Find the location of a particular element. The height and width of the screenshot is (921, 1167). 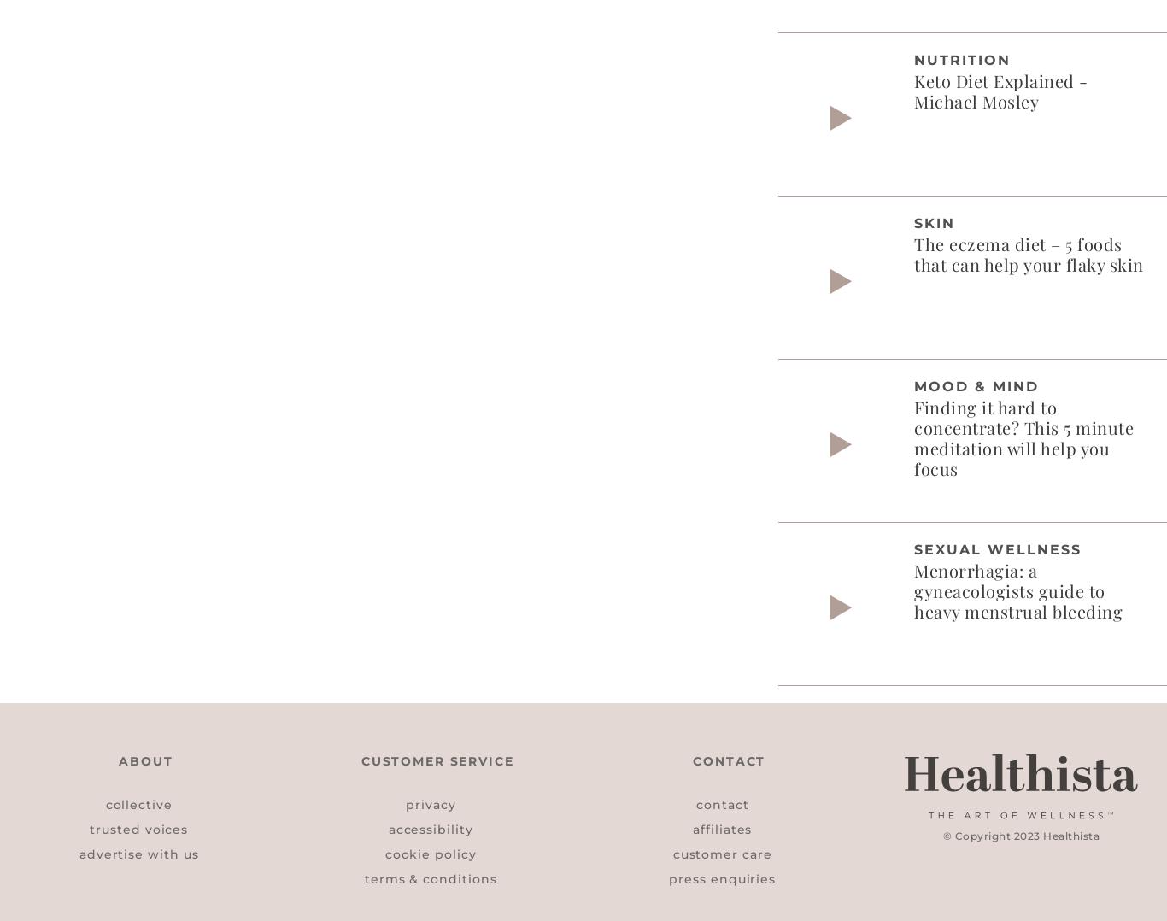

'privacy' is located at coordinates (430, 802).